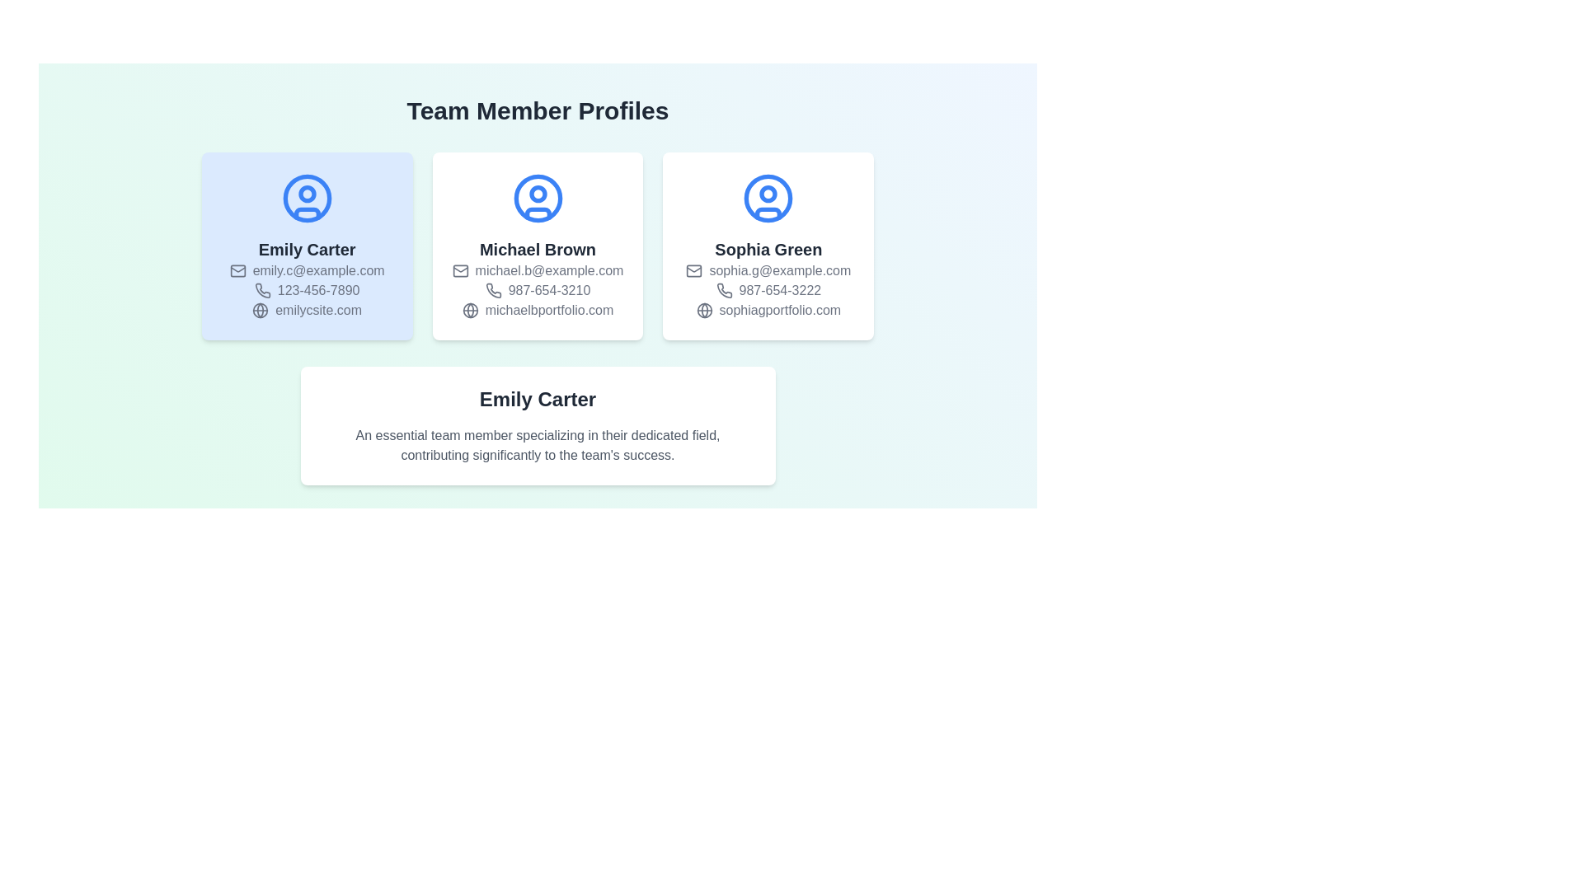 The width and height of the screenshot is (1583, 890). Describe the element at coordinates (768, 197) in the screenshot. I see `the user profile icon represented by a blue circular outline with a stylized user silhouette, located at the top center of the 'Sophia Green' card in the 'Team Member Profiles' section` at that location.